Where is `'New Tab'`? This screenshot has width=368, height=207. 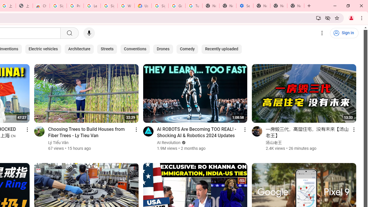 'New Tab' is located at coordinates (296, 6).